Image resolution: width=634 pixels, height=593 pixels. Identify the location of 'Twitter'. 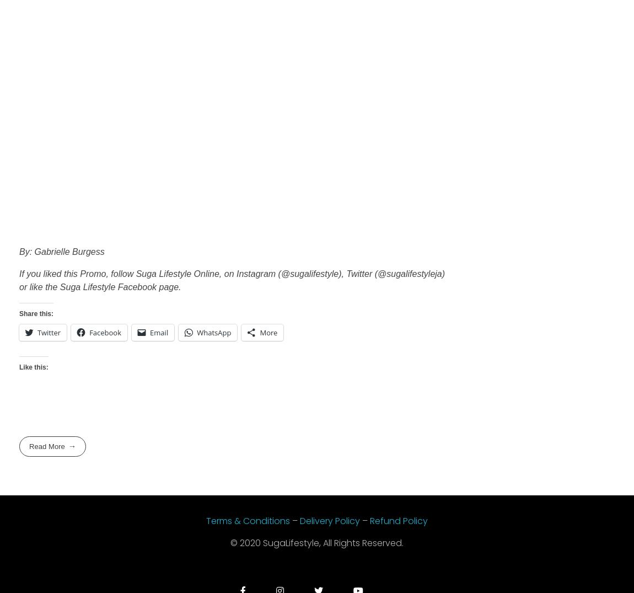
(49, 332).